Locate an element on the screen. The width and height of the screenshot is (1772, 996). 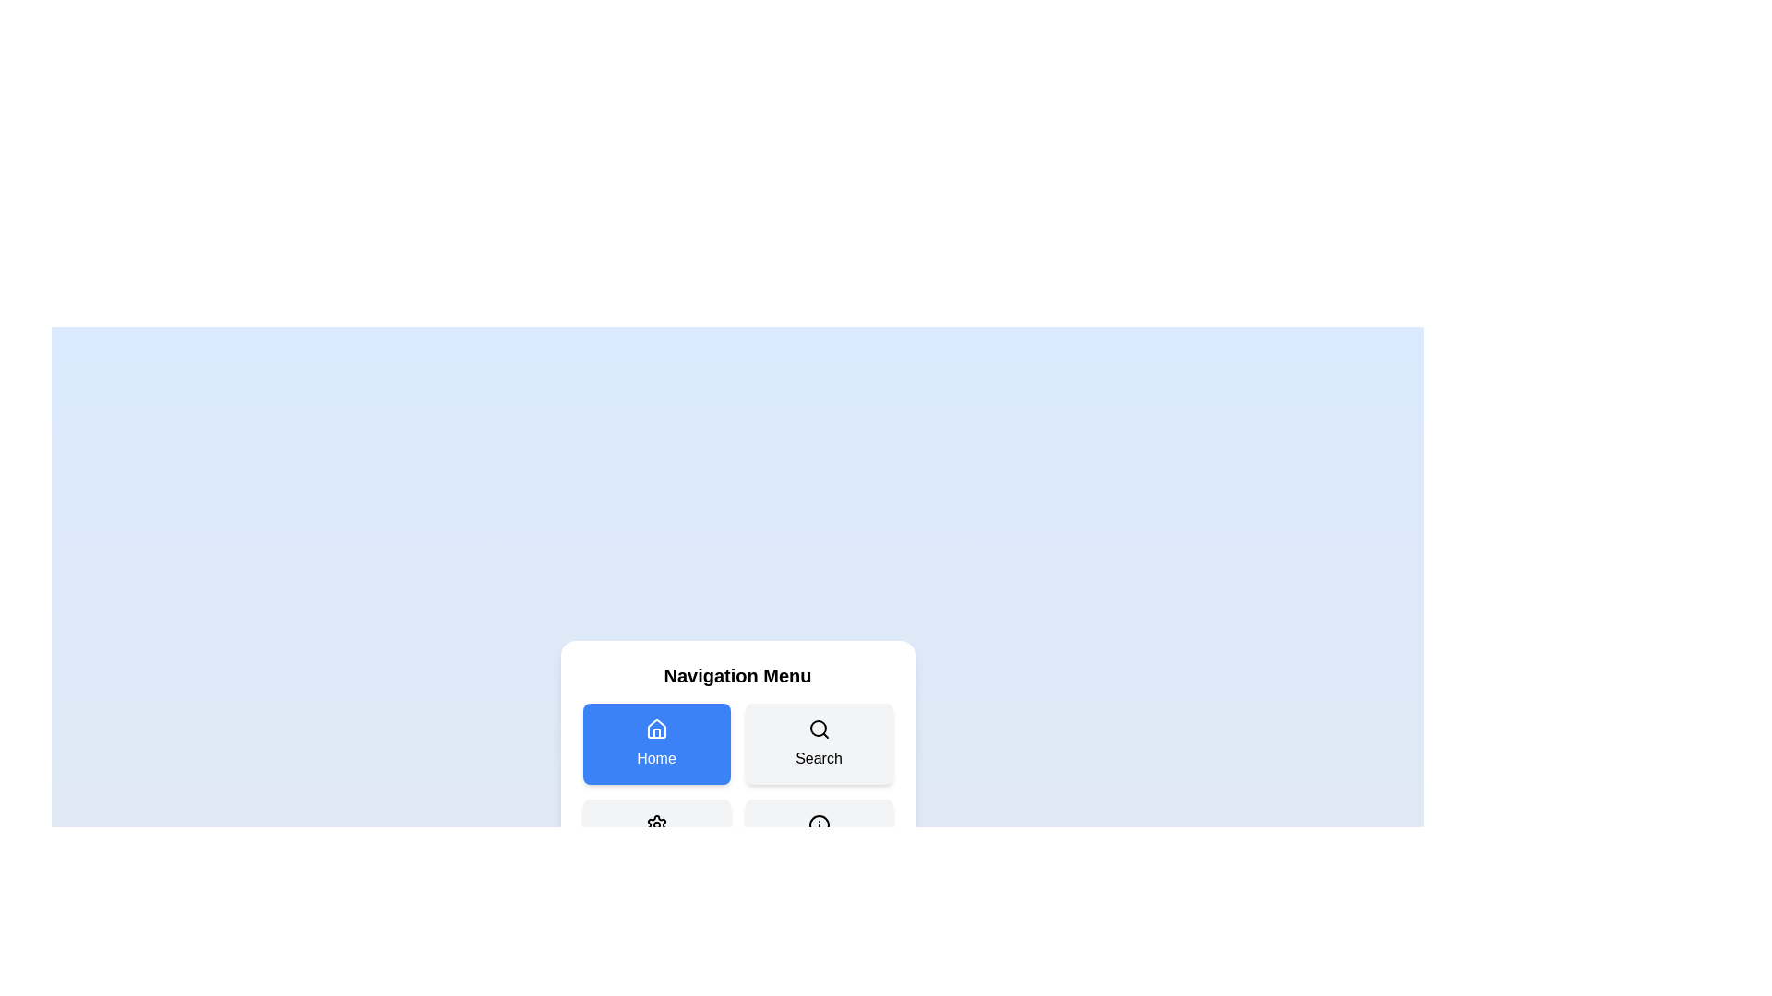
the menu item labeled Search to select it is located at coordinates (818, 742).